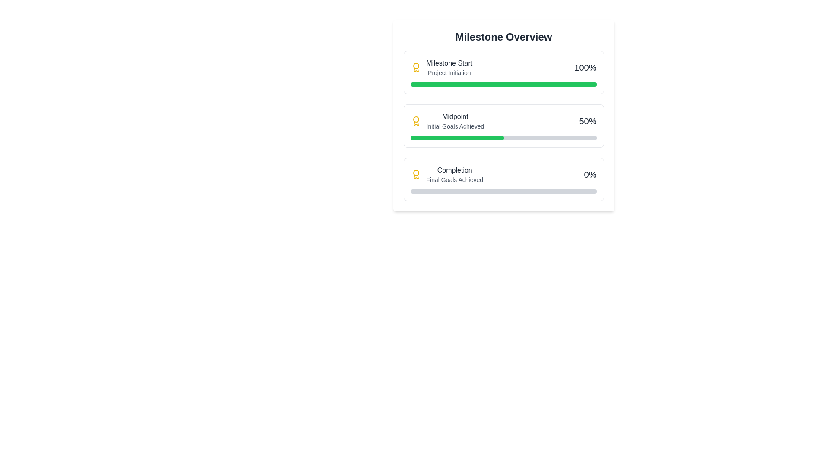 This screenshot has height=466, width=829. What do you see at coordinates (457, 138) in the screenshot?
I see `the Progress indicator (filled bar) located in the 'Midpoint' milestone section, which visually represents halfway completion beneath the 'Midpoint' label` at bounding box center [457, 138].